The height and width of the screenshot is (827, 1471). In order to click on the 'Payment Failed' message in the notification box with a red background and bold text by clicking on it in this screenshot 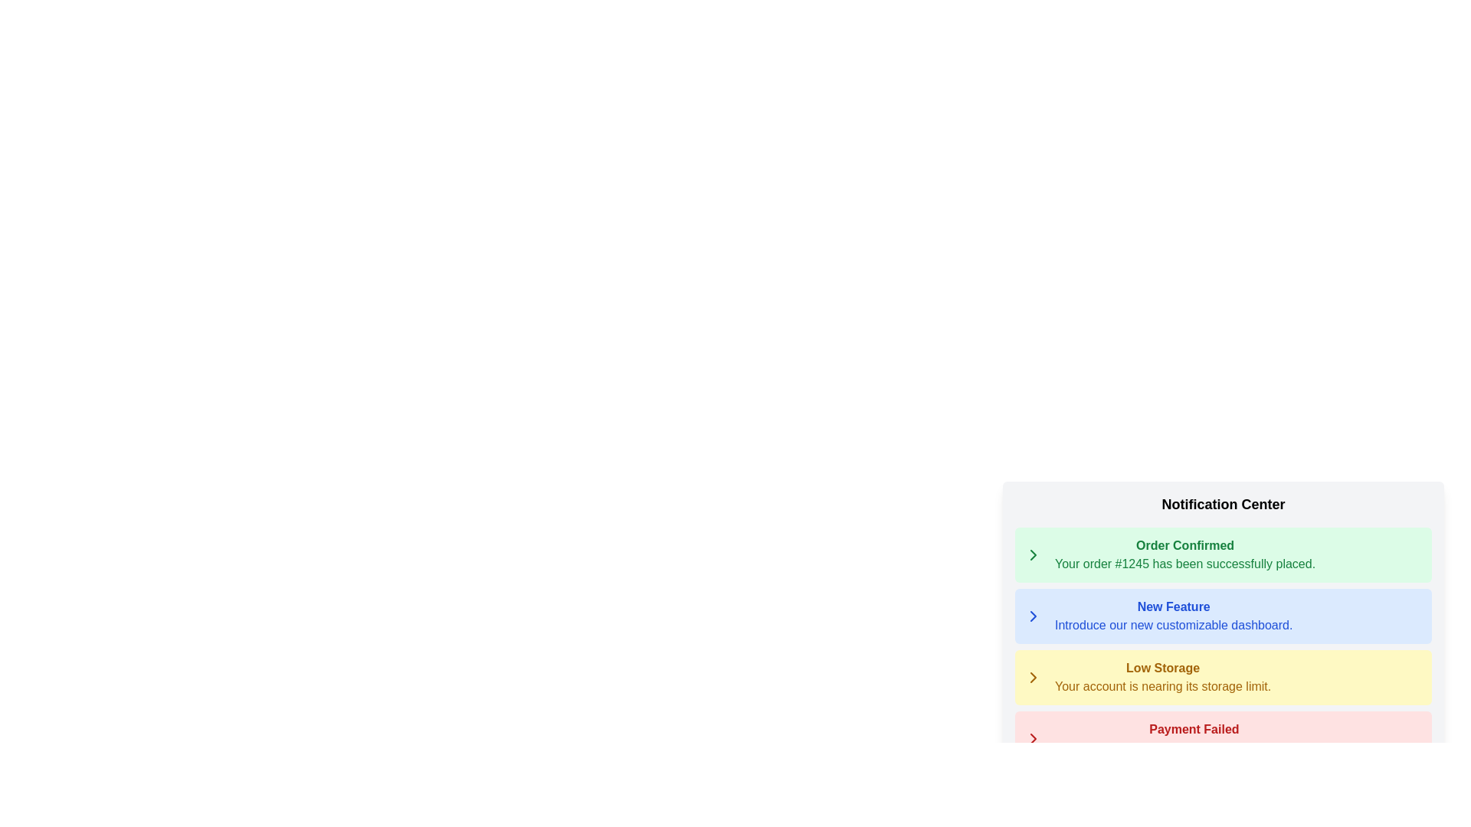, I will do `click(1223, 737)`.